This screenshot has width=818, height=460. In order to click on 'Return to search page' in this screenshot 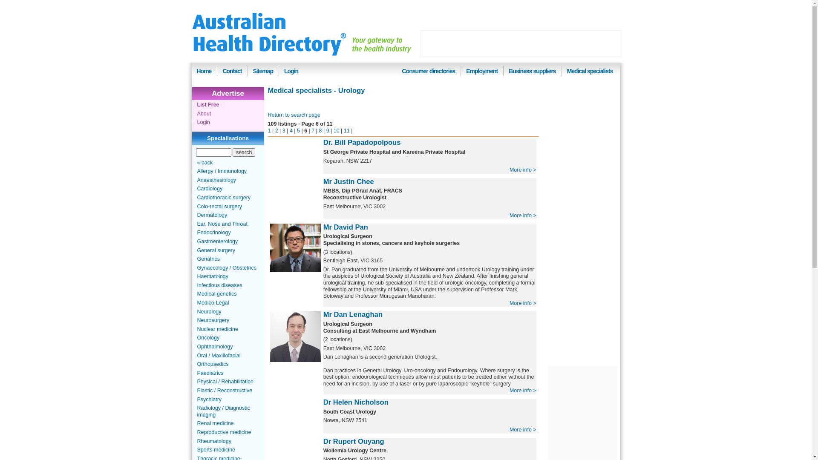, I will do `click(294, 115)`.